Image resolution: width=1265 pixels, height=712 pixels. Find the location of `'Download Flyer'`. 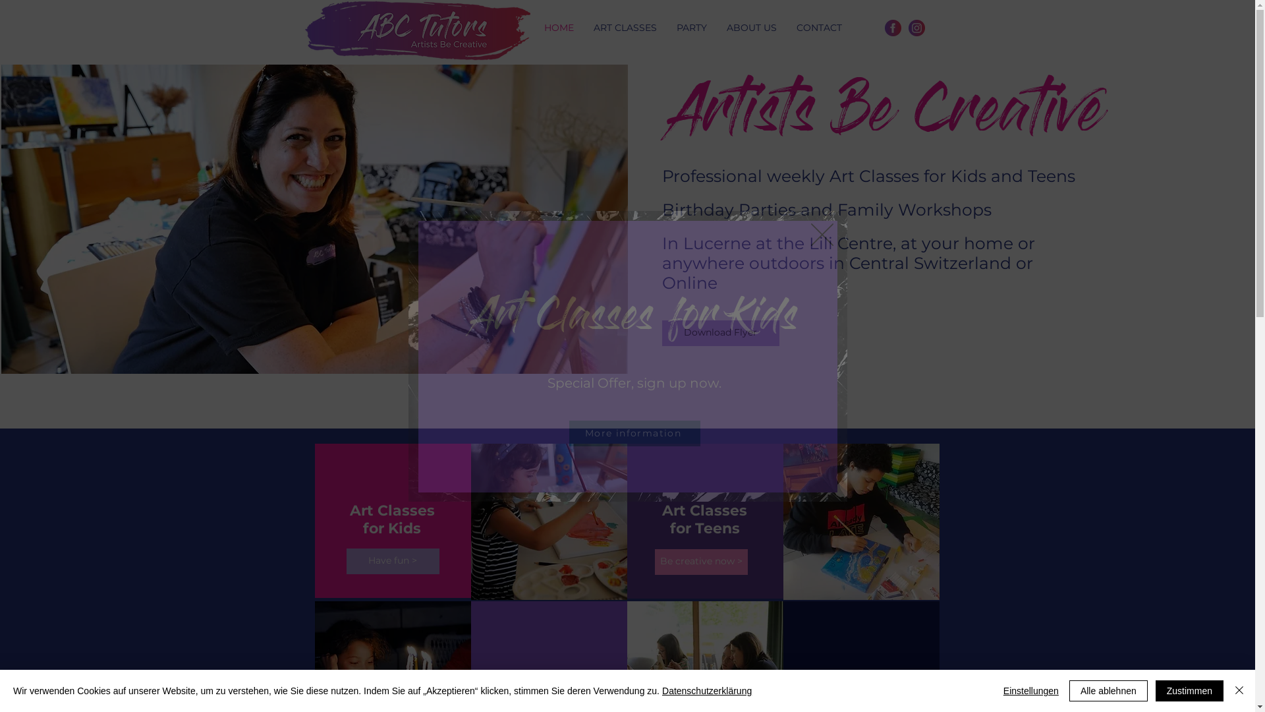

'Download Flyer' is located at coordinates (661, 332).